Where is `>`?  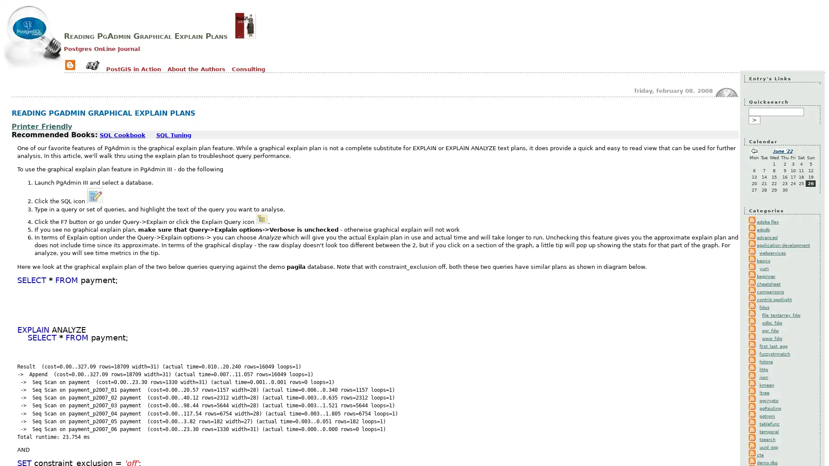 > is located at coordinates (754, 120).